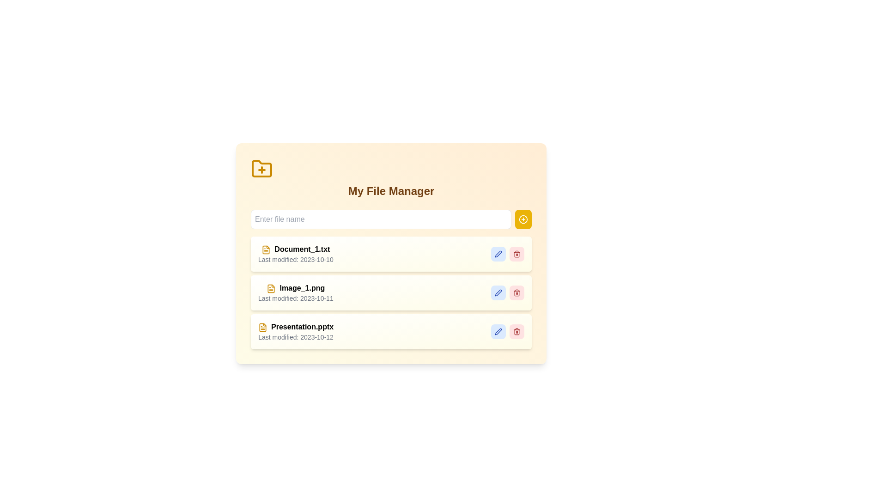 Image resolution: width=887 pixels, height=499 pixels. I want to click on the circular yellow icon with a plus sign in the center, located in the top-right corner next to the file search bar, so click(523, 219).